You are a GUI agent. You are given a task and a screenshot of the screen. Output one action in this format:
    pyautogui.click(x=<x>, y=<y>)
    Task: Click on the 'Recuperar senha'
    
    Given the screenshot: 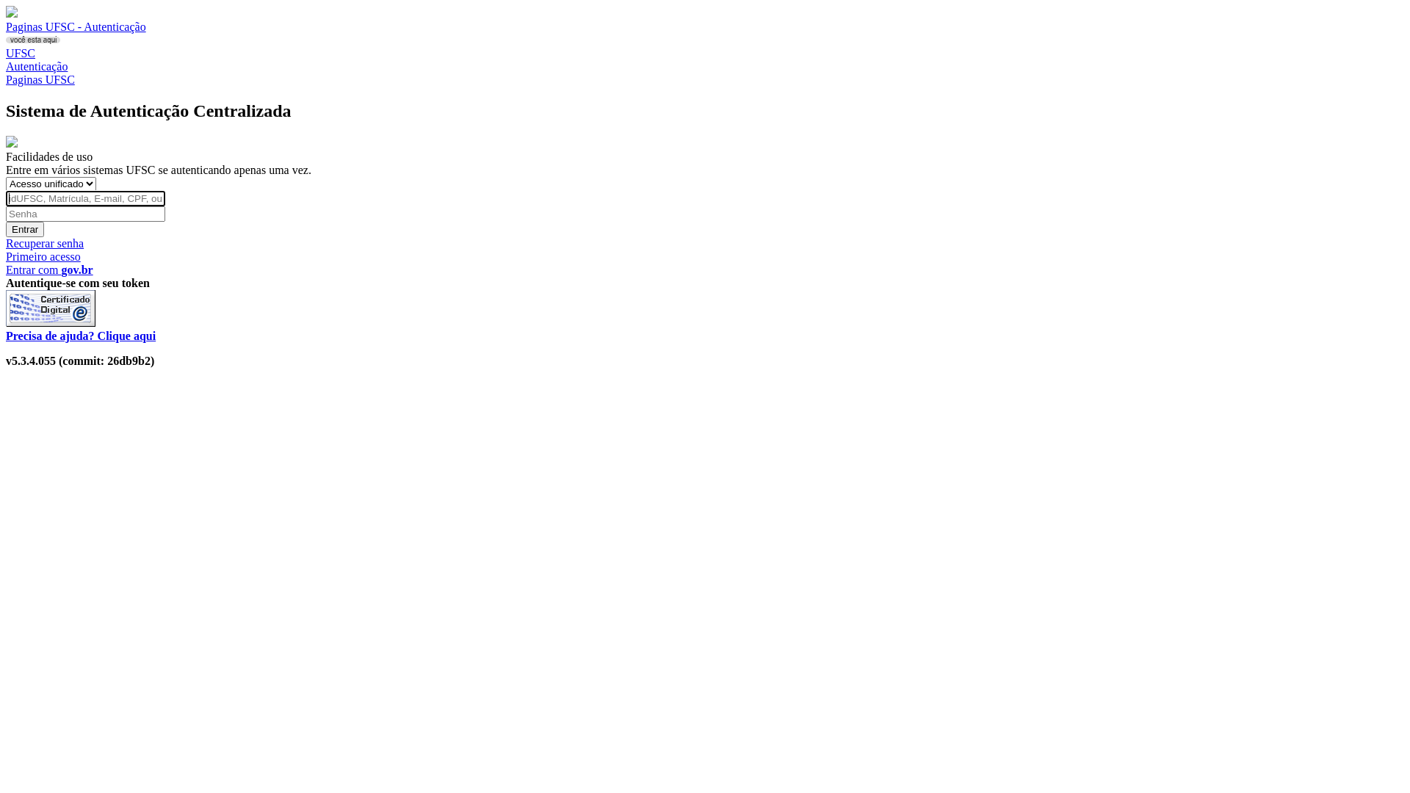 What is the action you would take?
    pyautogui.click(x=6, y=242)
    